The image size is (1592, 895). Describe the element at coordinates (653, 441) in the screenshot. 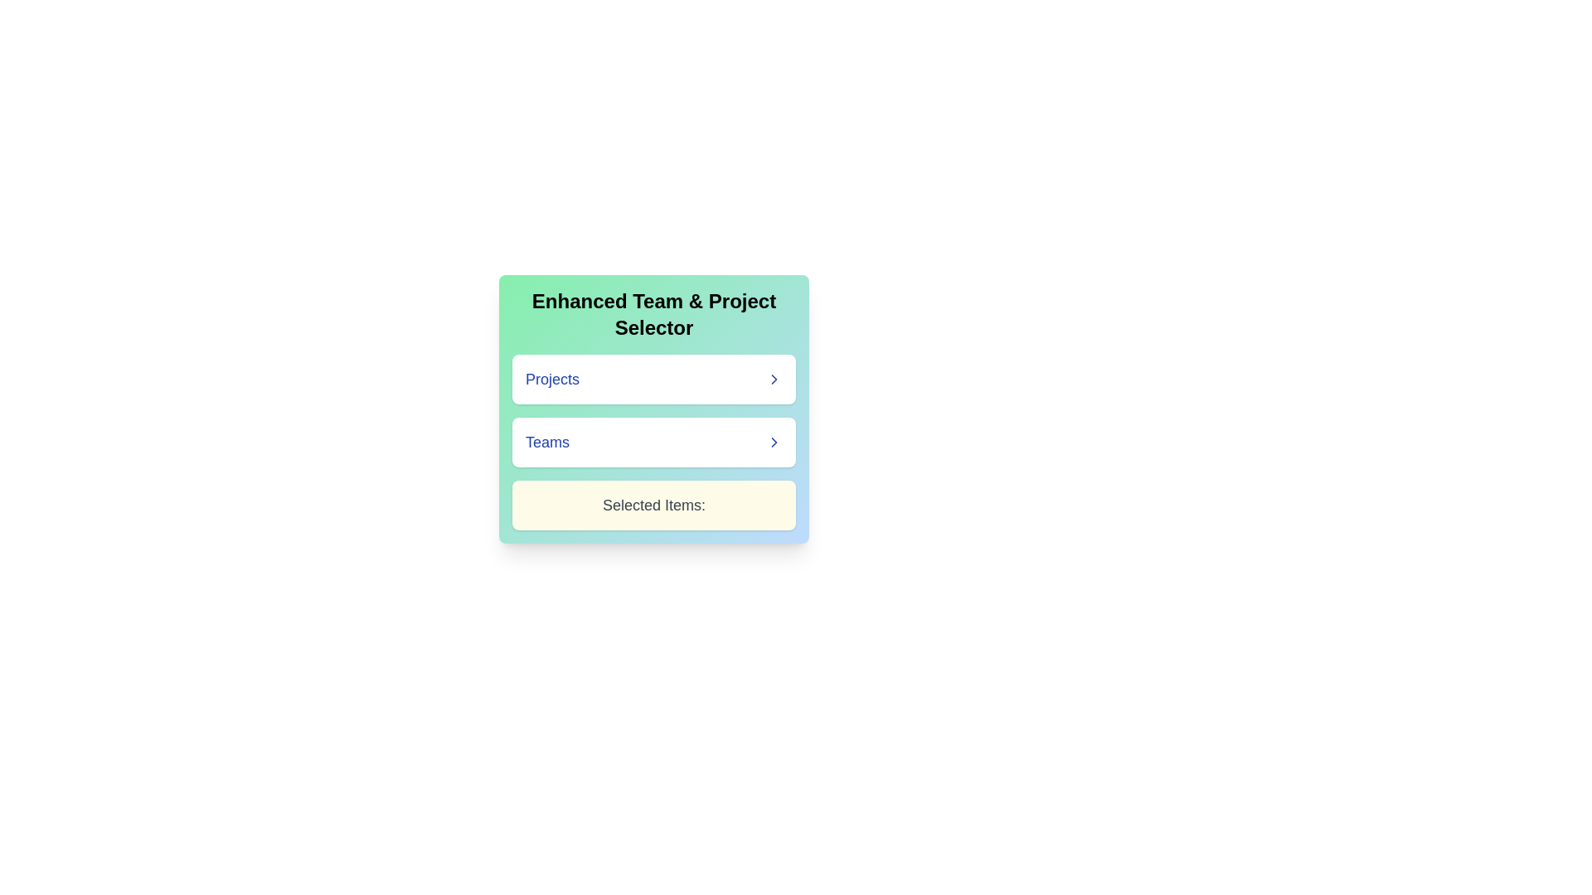

I see `the 'Teams' navigation button` at that location.